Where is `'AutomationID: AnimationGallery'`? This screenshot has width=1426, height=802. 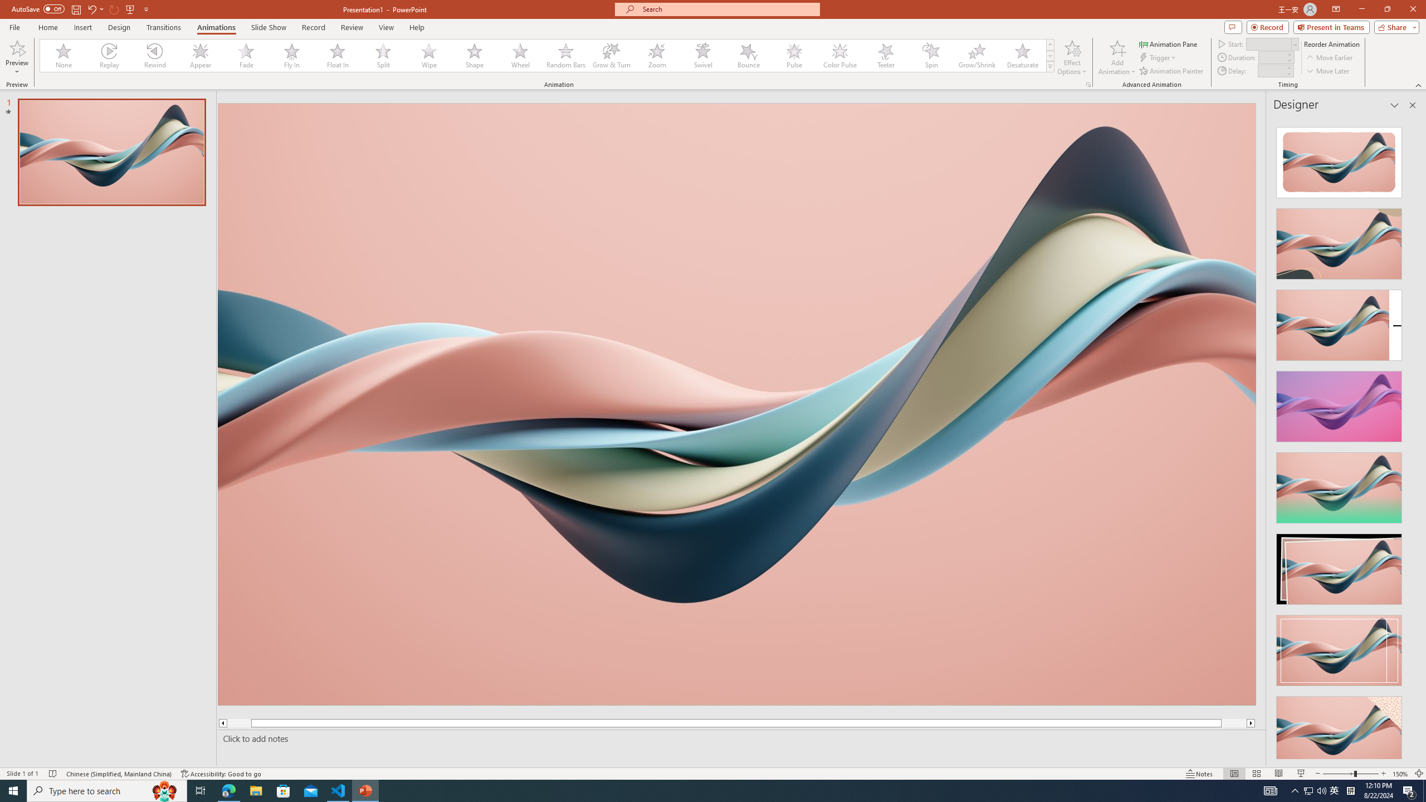 'AutomationID: AnimationGallery' is located at coordinates (547, 55).